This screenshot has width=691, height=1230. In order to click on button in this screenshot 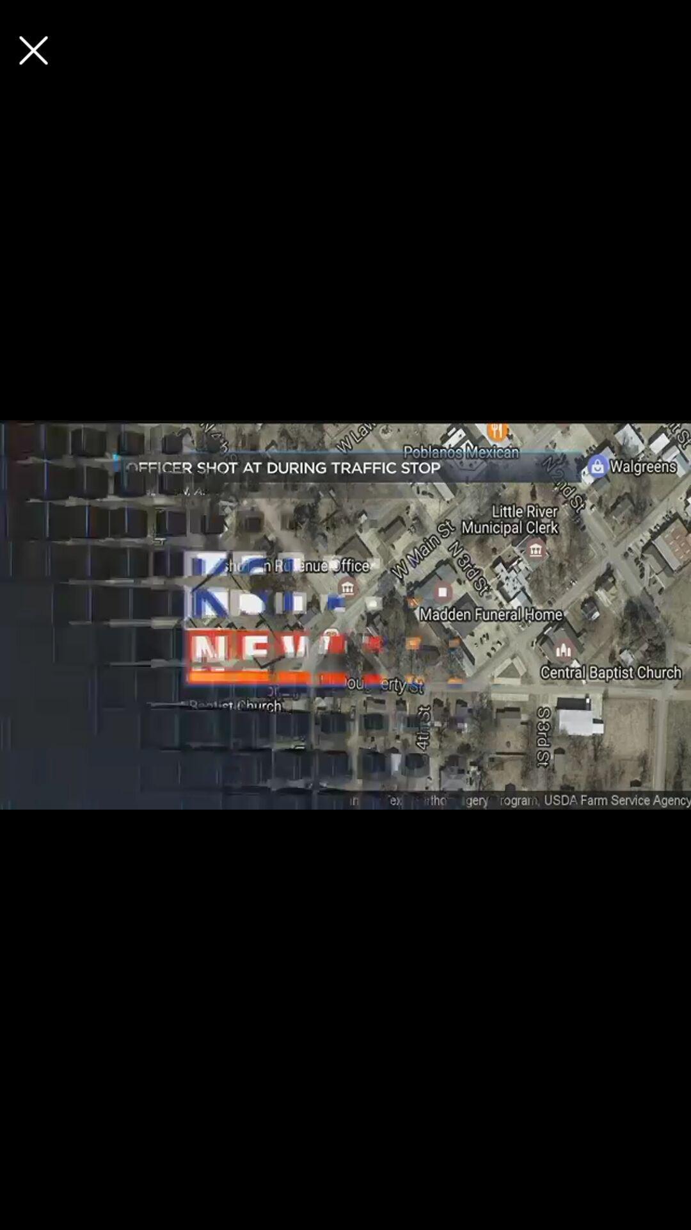, I will do `click(33, 50)`.